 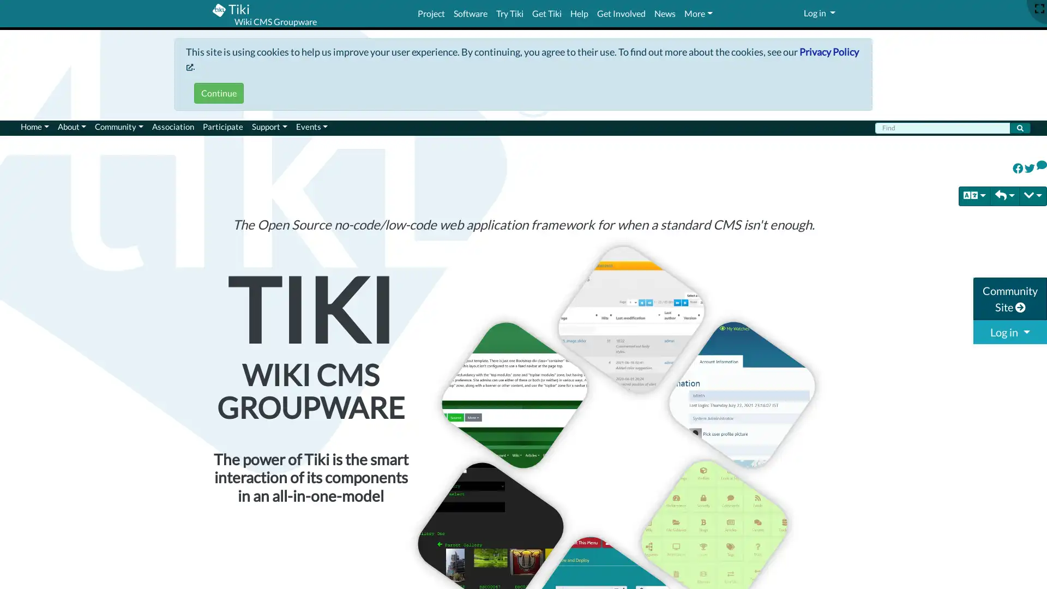 What do you see at coordinates (218, 92) in the screenshot?
I see `Continue` at bounding box center [218, 92].